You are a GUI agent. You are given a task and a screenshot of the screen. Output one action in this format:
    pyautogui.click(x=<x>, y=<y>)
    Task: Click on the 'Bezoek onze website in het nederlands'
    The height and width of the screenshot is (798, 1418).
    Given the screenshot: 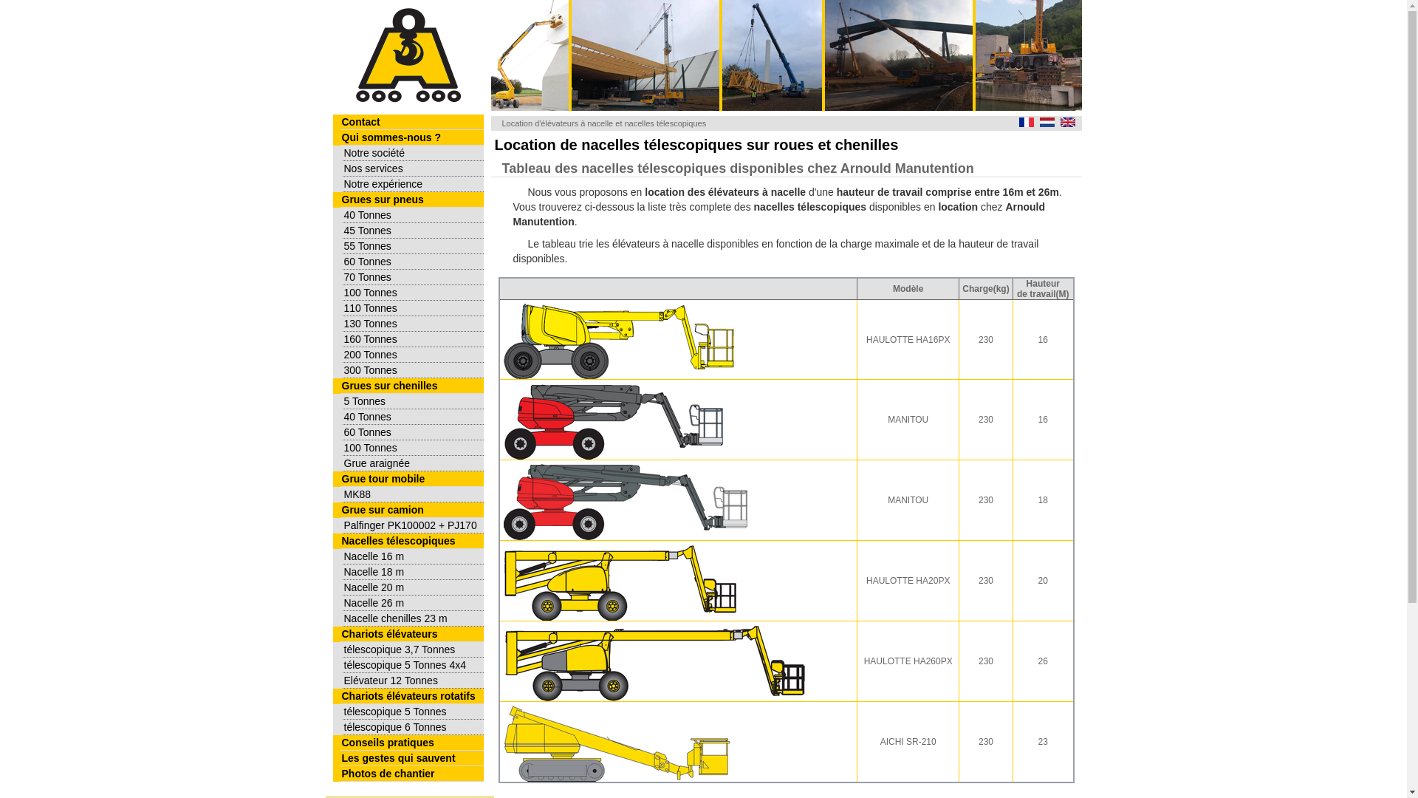 What is the action you would take?
    pyautogui.click(x=1046, y=122)
    